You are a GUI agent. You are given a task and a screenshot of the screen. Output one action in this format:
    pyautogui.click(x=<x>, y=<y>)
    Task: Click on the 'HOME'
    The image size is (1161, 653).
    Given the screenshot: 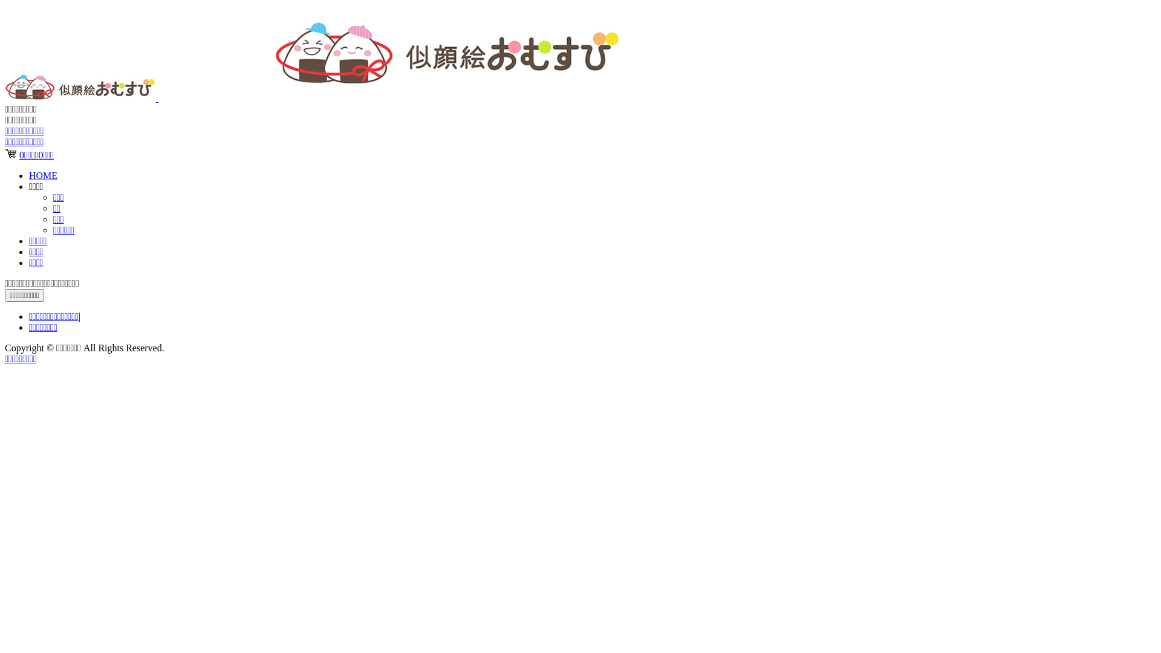 What is the action you would take?
    pyautogui.click(x=29, y=175)
    